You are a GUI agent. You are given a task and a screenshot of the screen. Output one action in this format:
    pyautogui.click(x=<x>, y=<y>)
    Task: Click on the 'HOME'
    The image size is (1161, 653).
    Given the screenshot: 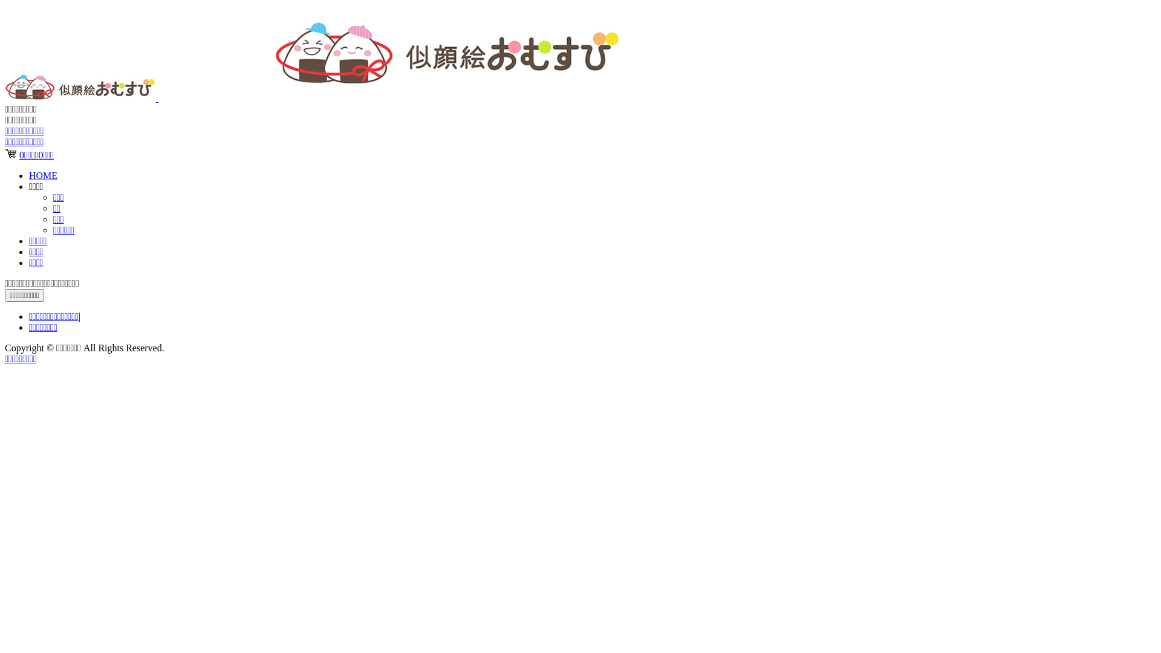 What is the action you would take?
    pyautogui.click(x=29, y=175)
    